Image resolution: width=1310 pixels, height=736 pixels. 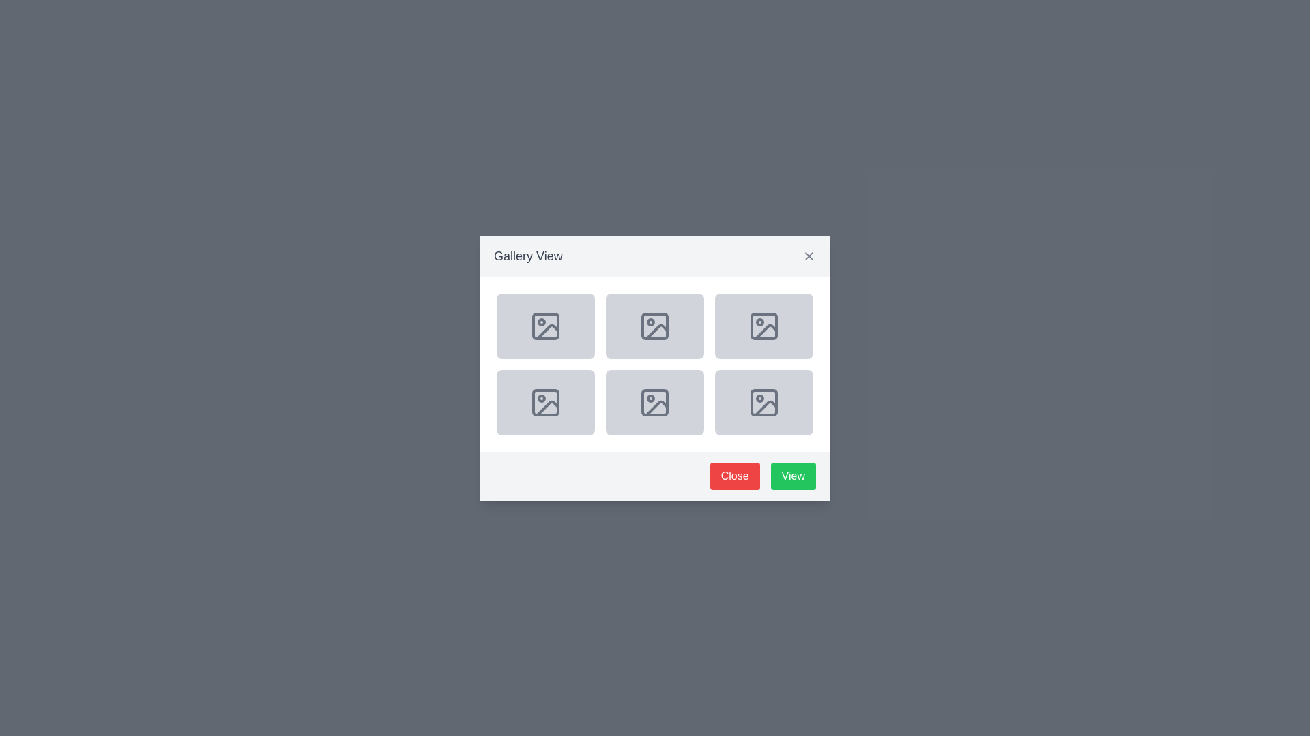 What do you see at coordinates (793, 475) in the screenshot?
I see `the green rectangular button labeled 'View' located at the bottom-right corner of the modal window` at bounding box center [793, 475].